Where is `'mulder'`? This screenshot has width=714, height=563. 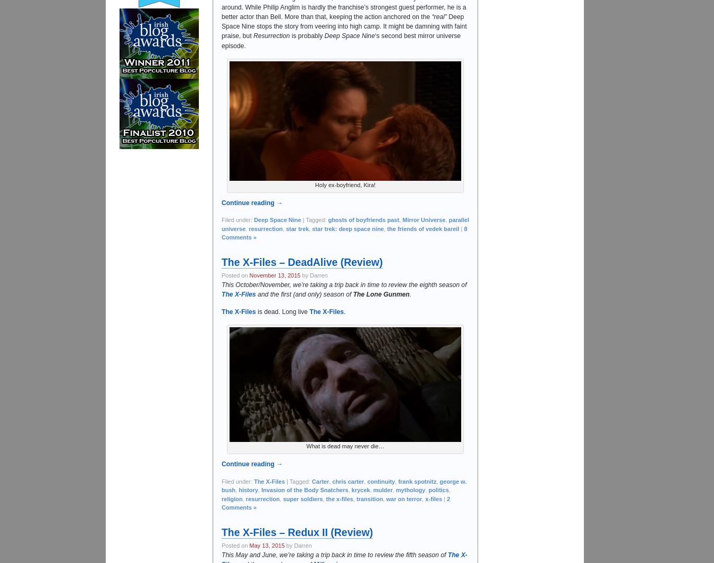
'mulder' is located at coordinates (382, 490).